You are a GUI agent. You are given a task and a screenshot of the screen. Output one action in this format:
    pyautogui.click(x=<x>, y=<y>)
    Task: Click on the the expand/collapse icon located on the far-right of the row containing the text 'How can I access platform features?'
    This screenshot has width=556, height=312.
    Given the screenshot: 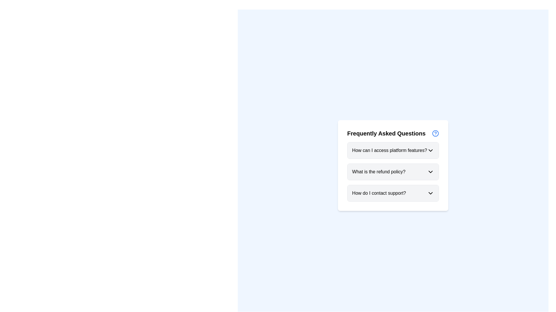 What is the action you would take?
    pyautogui.click(x=430, y=150)
    